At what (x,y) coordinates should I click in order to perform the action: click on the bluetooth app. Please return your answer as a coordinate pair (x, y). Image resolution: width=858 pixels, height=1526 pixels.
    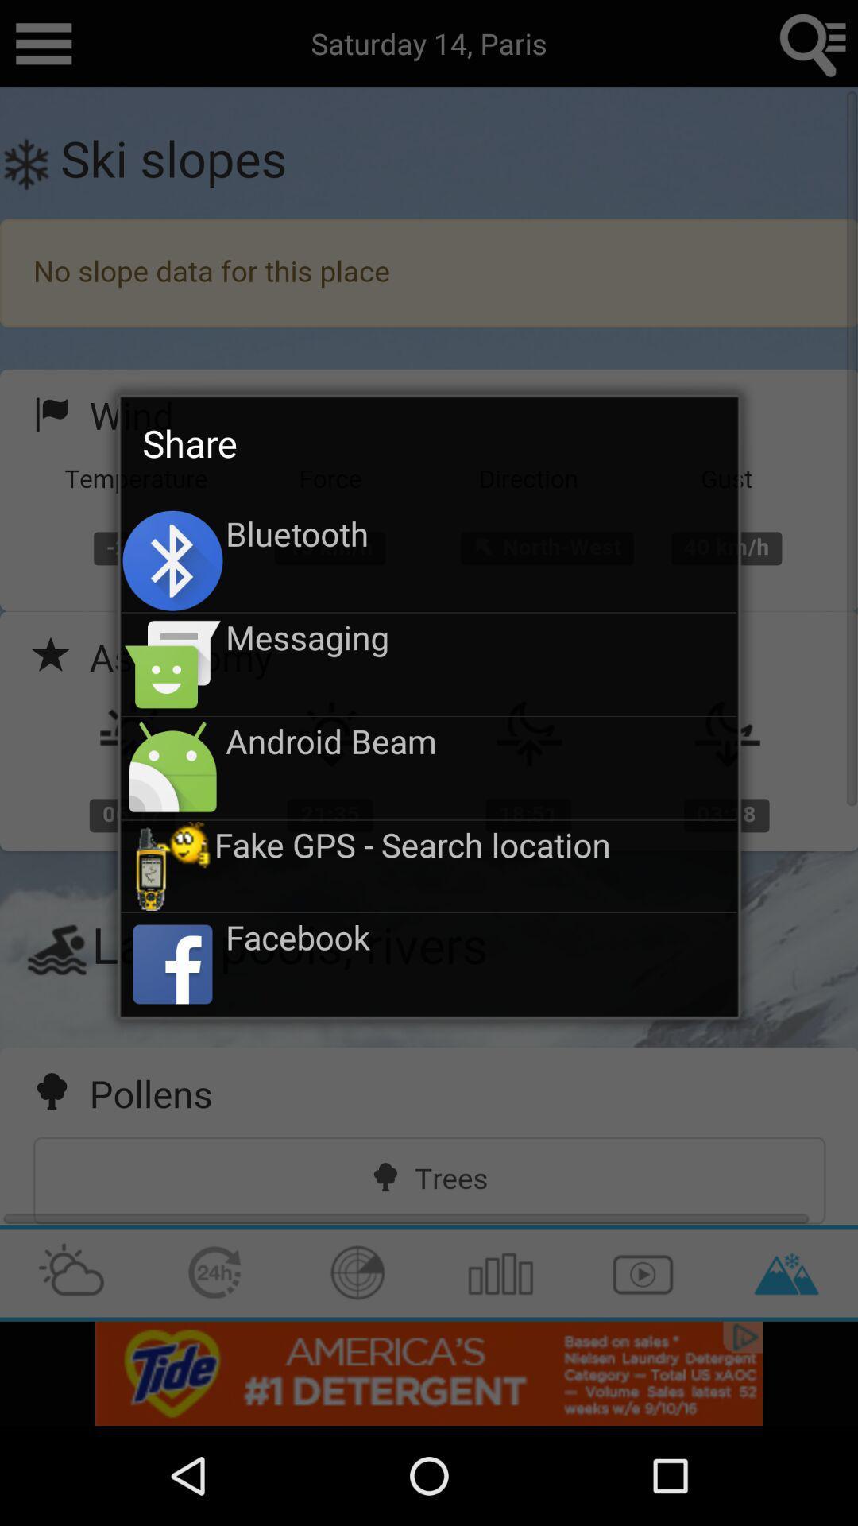
    Looking at the image, I should click on (480, 533).